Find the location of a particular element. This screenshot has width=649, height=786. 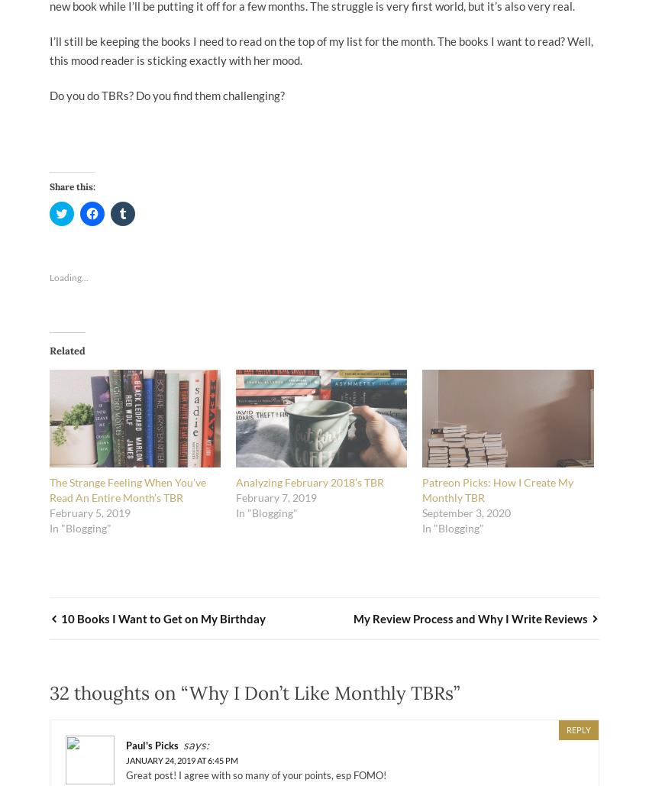

'Paul's Picks' is located at coordinates (151, 745).